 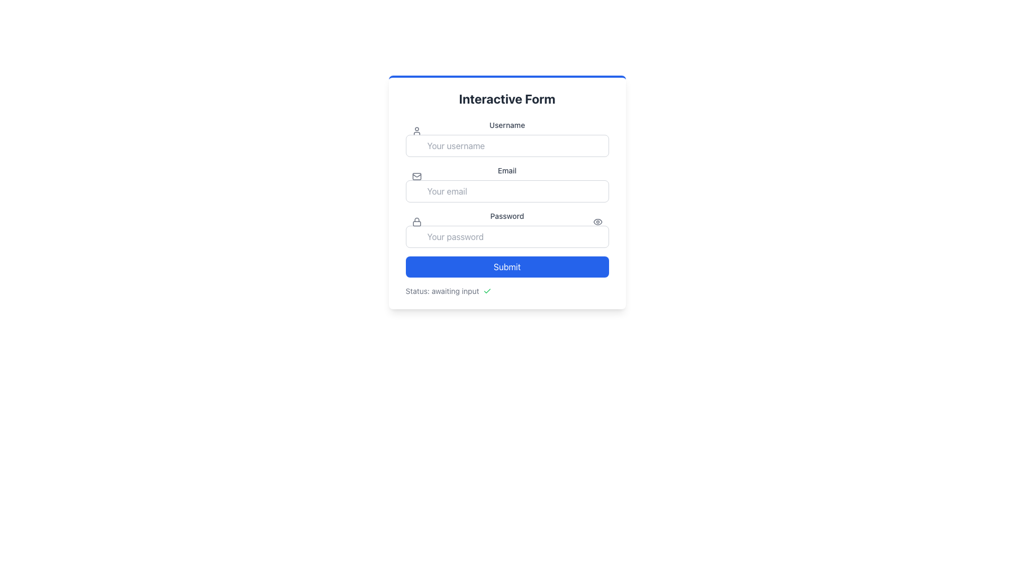 I want to click on the email input field, which is the second form field in the form structure, to trigger the focus effect, so click(x=506, y=183).